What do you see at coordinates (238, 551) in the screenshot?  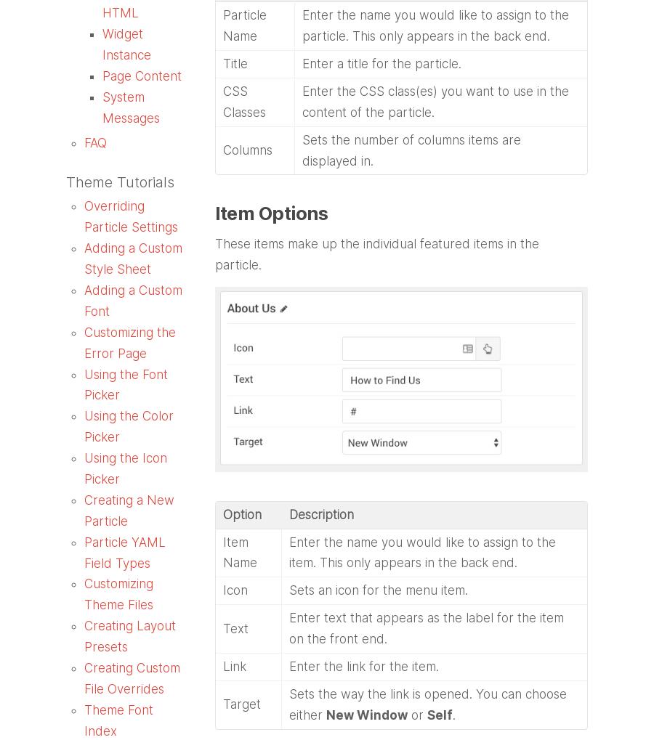 I see `'Item Name'` at bounding box center [238, 551].